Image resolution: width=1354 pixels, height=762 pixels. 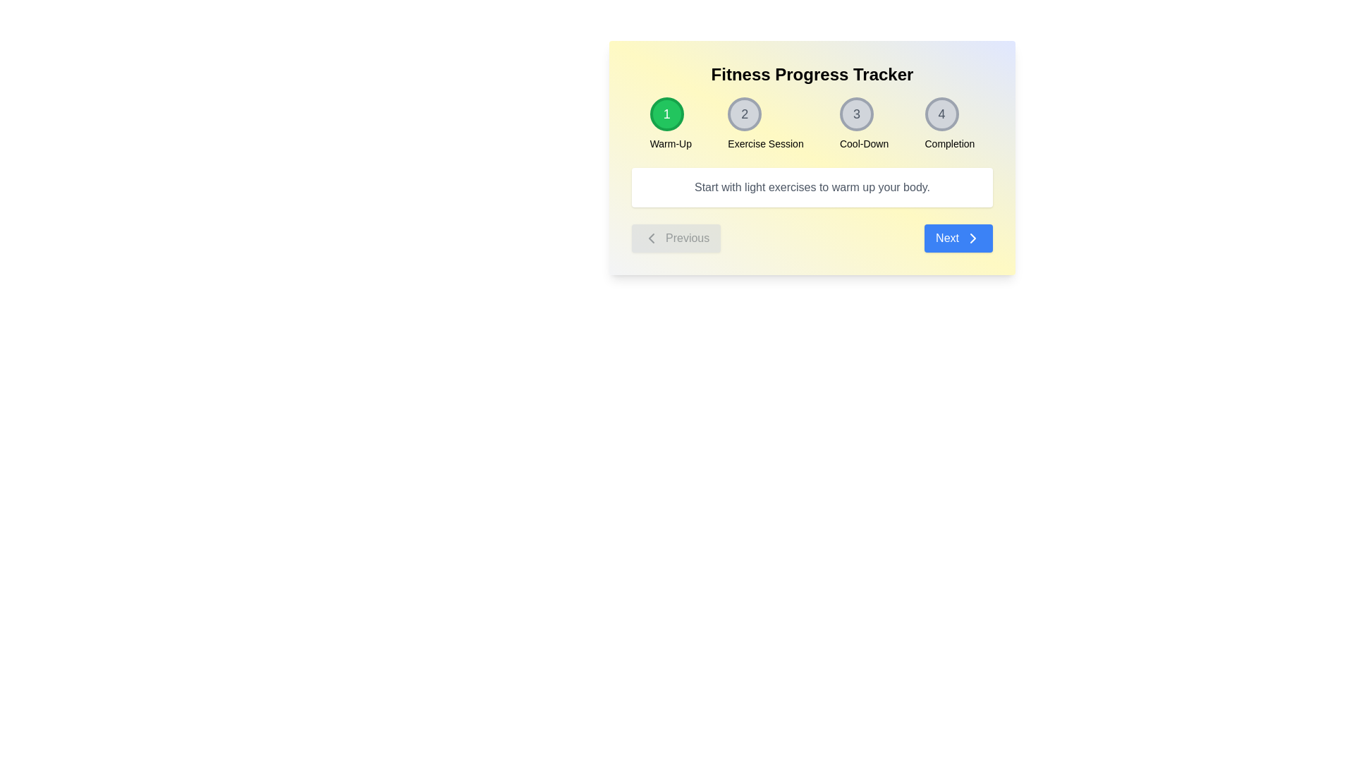 What do you see at coordinates (949, 144) in the screenshot?
I see `the static text label that signifies the title or description of the fourth step in the progress tracker, located centrally below the circular indicator marked '4'` at bounding box center [949, 144].